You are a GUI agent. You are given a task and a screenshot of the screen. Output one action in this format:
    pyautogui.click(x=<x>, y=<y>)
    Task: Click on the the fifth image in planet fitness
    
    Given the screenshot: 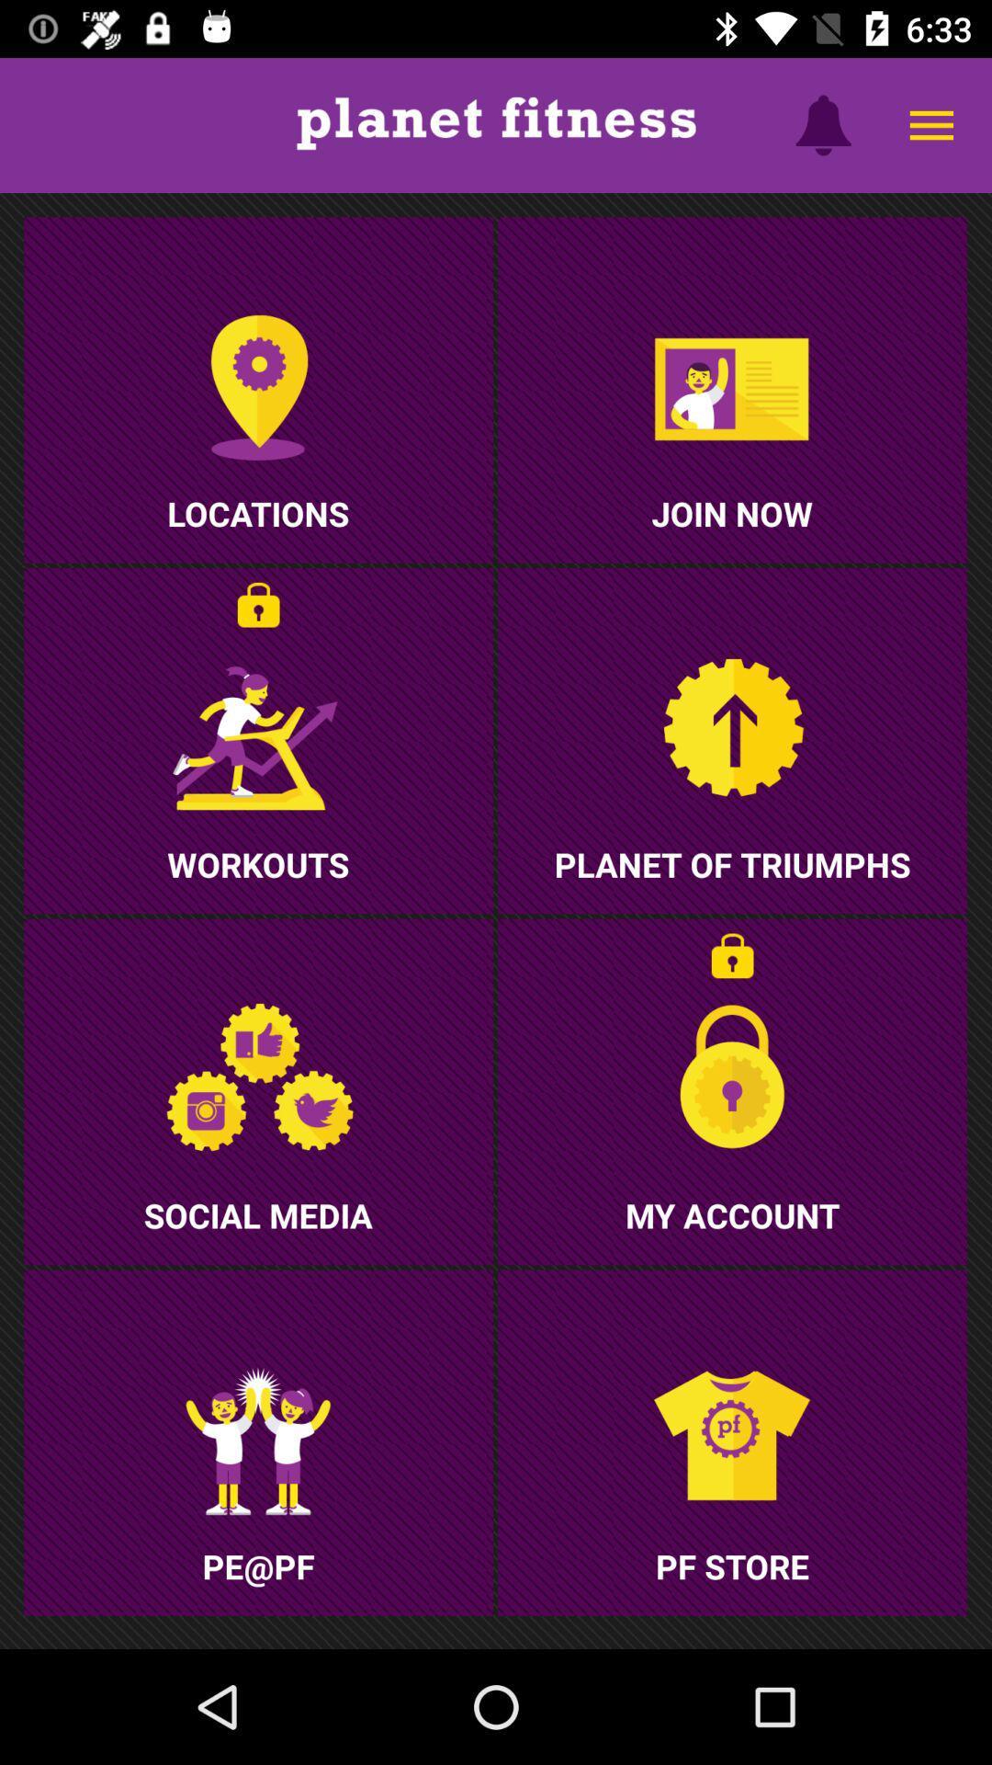 What is the action you would take?
    pyautogui.click(x=258, y=1092)
    